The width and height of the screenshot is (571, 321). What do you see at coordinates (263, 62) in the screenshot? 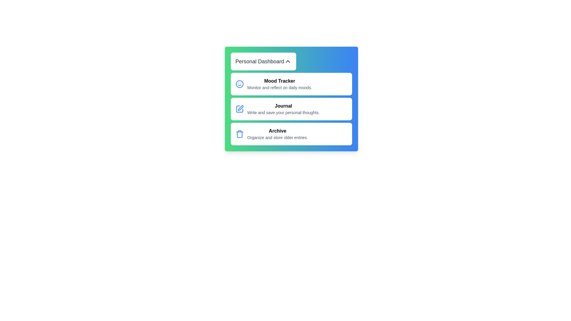
I see `the toggle button to open or close the menu` at bounding box center [263, 62].